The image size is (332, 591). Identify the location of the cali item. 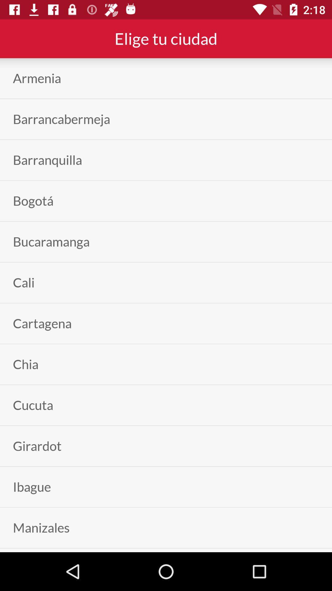
(23, 282).